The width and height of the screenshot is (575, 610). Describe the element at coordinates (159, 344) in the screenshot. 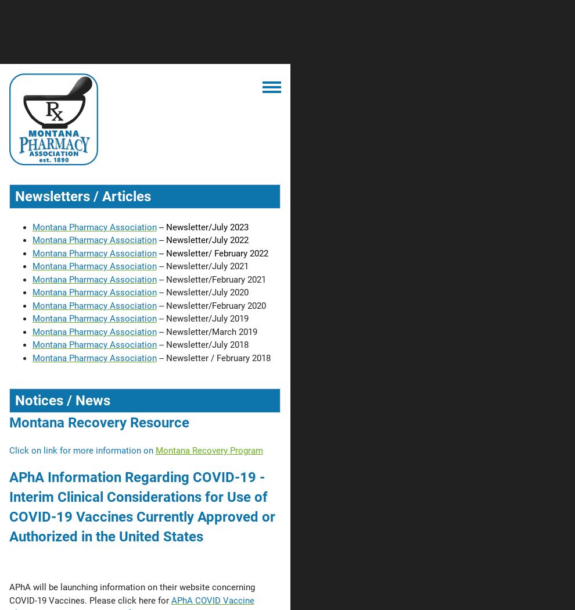

I see `'-- Newsletter/July 2018'` at that location.